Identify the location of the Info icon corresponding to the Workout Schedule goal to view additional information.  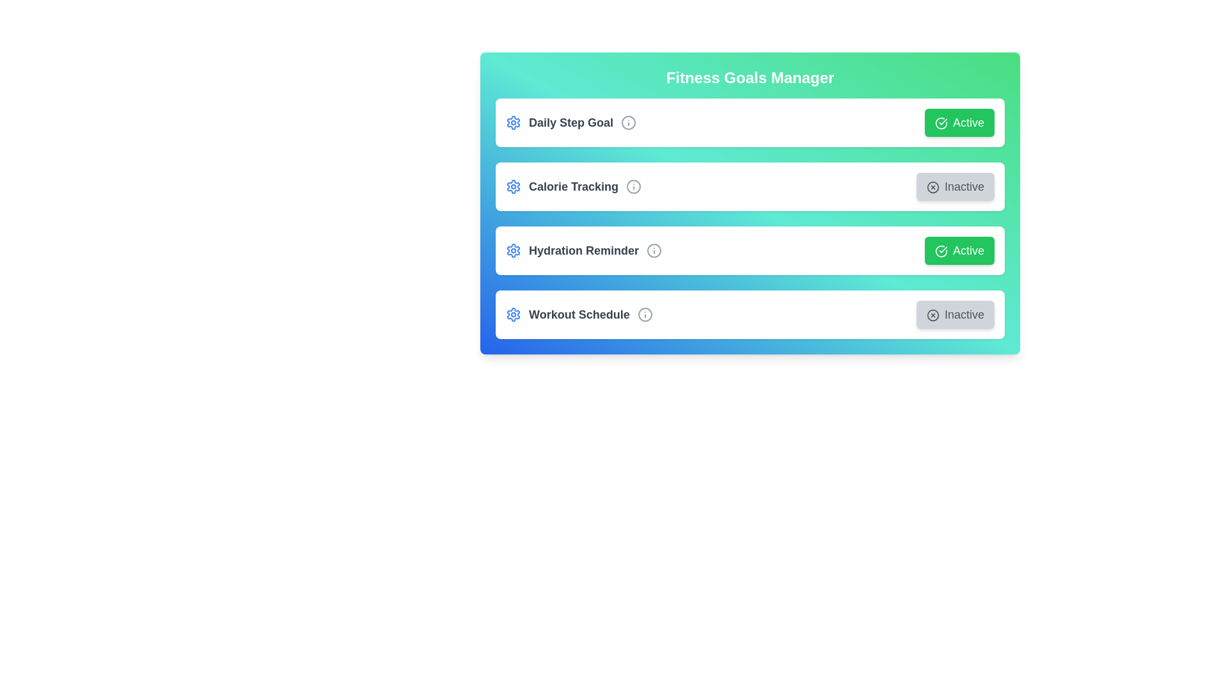
(645, 315).